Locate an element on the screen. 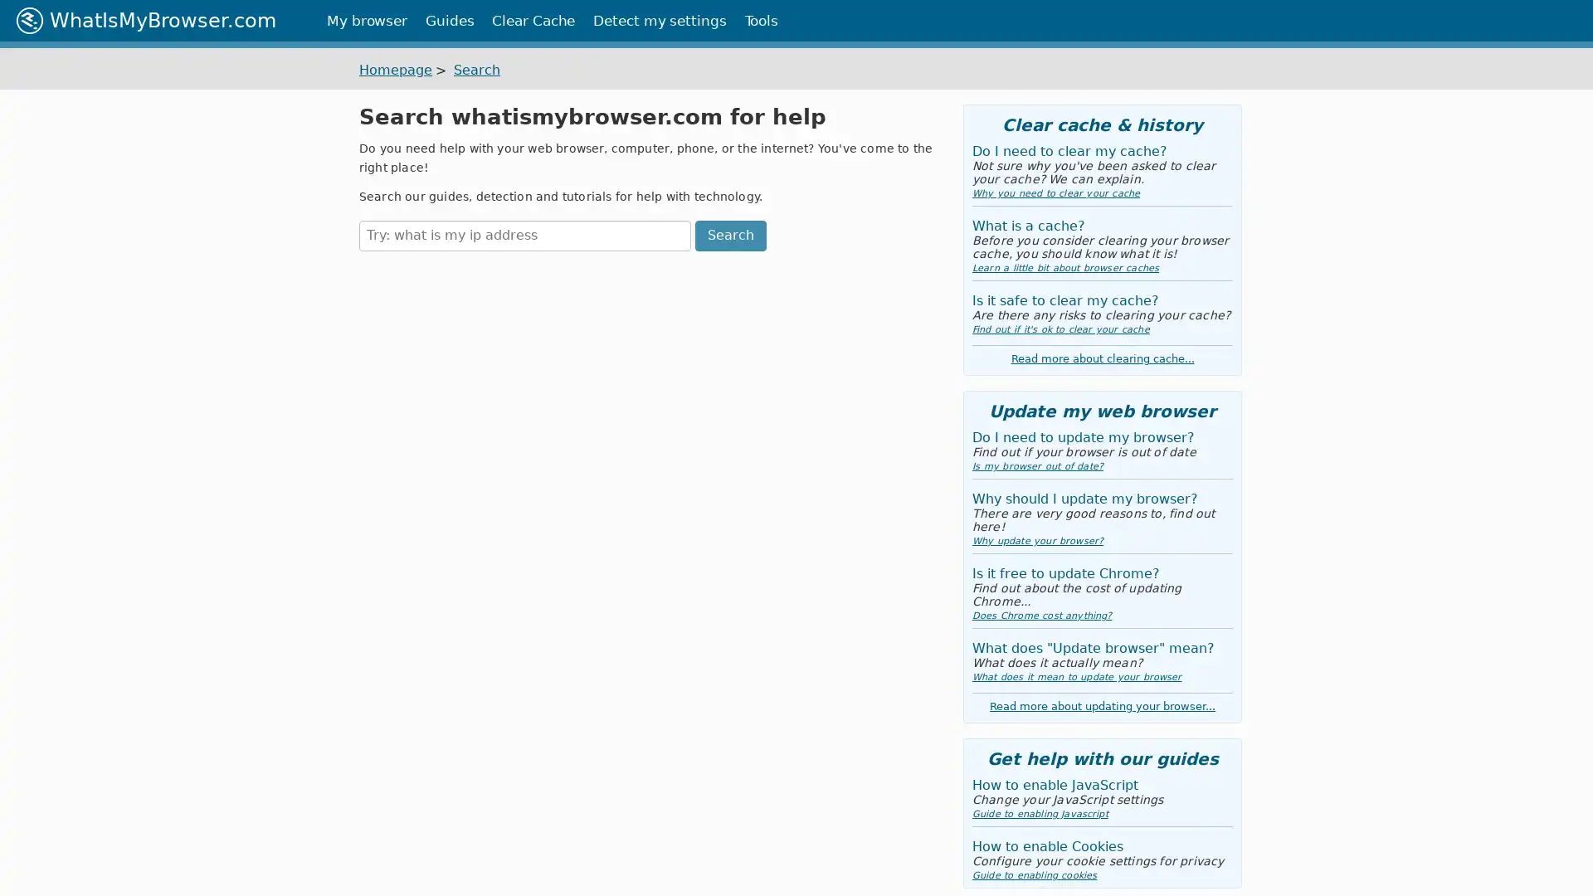 This screenshot has height=896, width=1593. Search is located at coordinates (730, 236).